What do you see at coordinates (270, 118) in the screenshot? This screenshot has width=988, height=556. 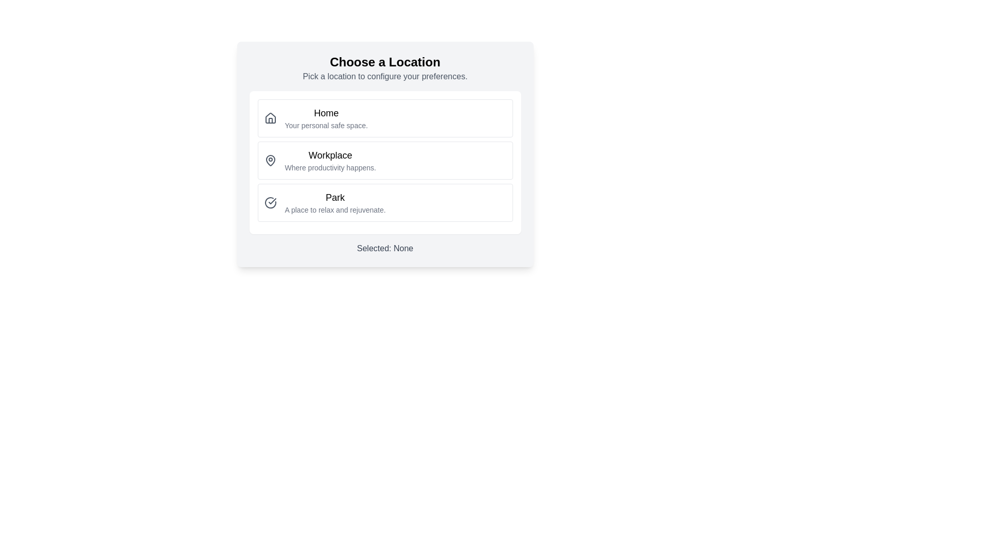 I see `the house icon representing the 'Home' navigation option, located at the top-left quadrant of the card, adjacent to the 'Home' text label` at bounding box center [270, 118].